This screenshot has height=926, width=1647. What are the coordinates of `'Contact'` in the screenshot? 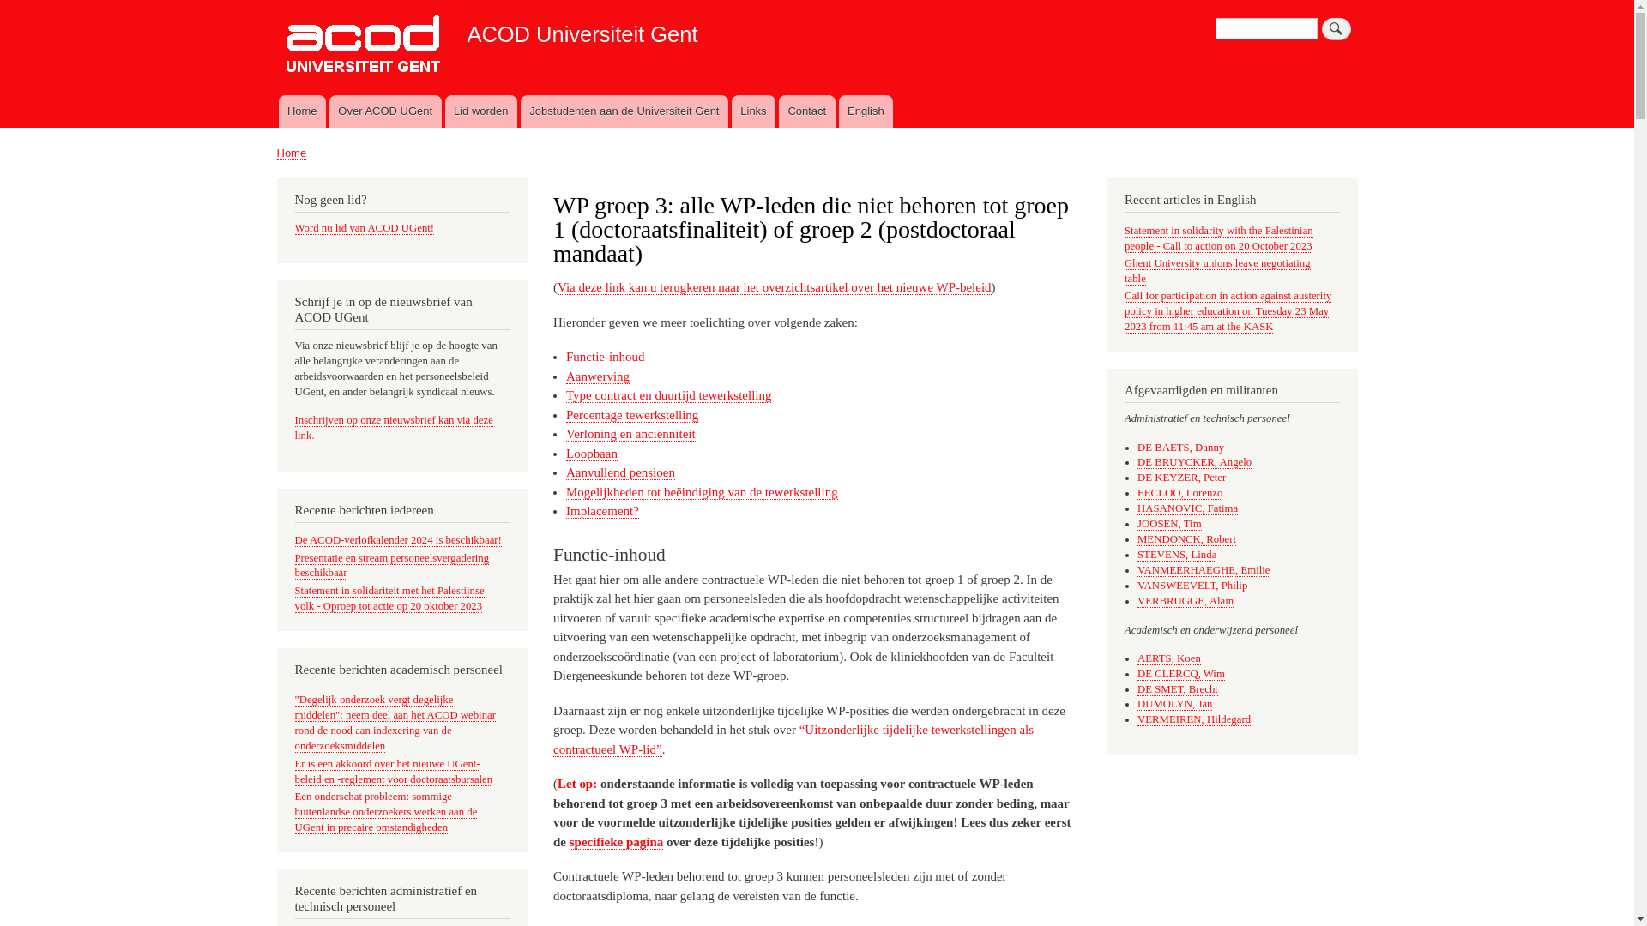 It's located at (805, 111).